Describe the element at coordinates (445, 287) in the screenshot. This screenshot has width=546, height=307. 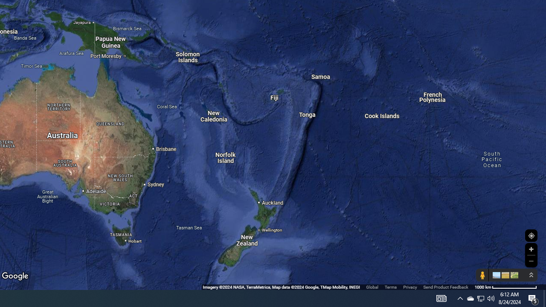
I see `'Send Product Feedback'` at that location.